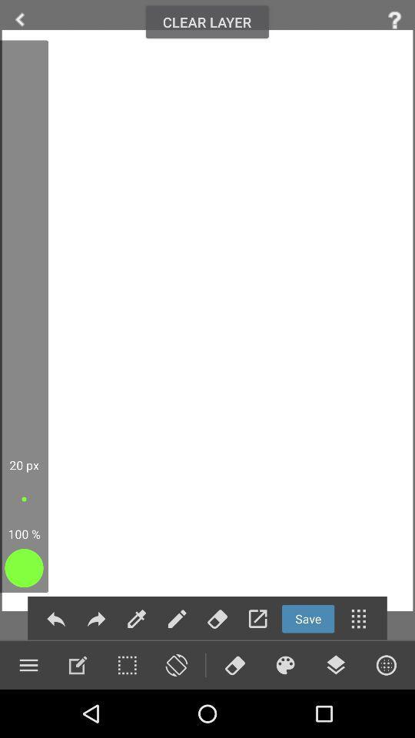  What do you see at coordinates (234, 664) in the screenshot?
I see `erase button` at bounding box center [234, 664].